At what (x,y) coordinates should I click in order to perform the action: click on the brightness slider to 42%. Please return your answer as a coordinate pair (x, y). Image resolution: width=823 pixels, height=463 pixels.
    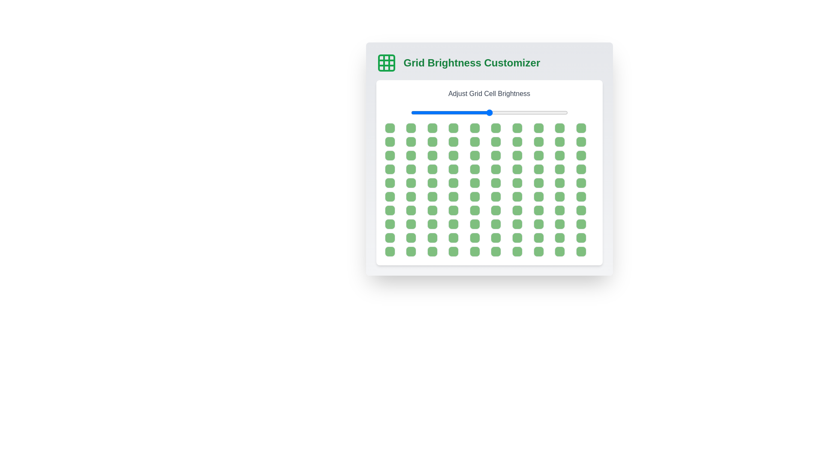
    Looking at the image, I should click on (476, 112).